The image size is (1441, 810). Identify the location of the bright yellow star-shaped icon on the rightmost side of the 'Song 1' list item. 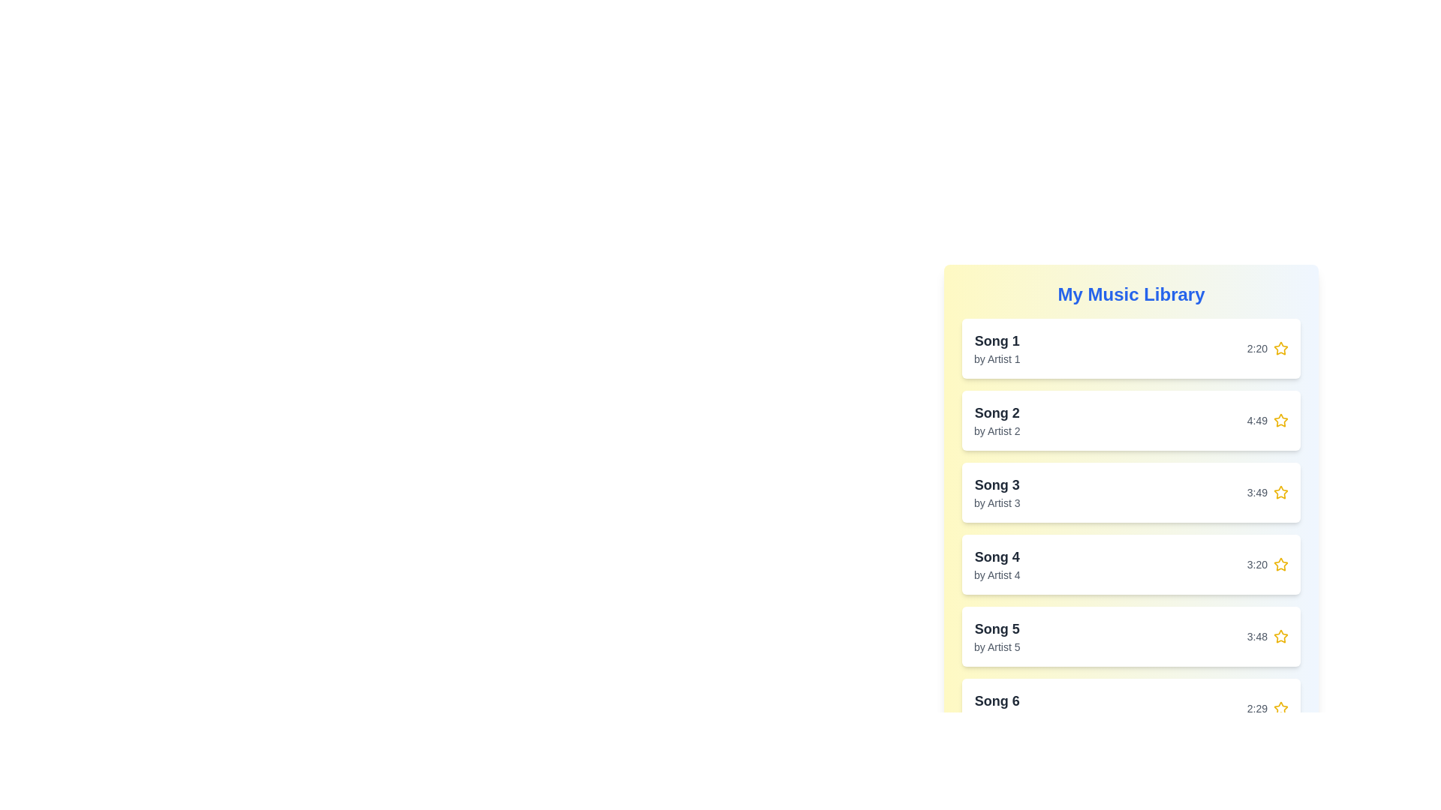
(1280, 348).